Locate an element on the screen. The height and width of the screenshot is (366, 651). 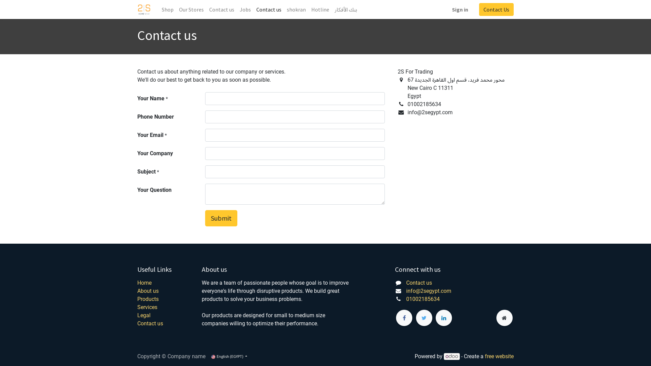
'Home' is located at coordinates (144, 283).